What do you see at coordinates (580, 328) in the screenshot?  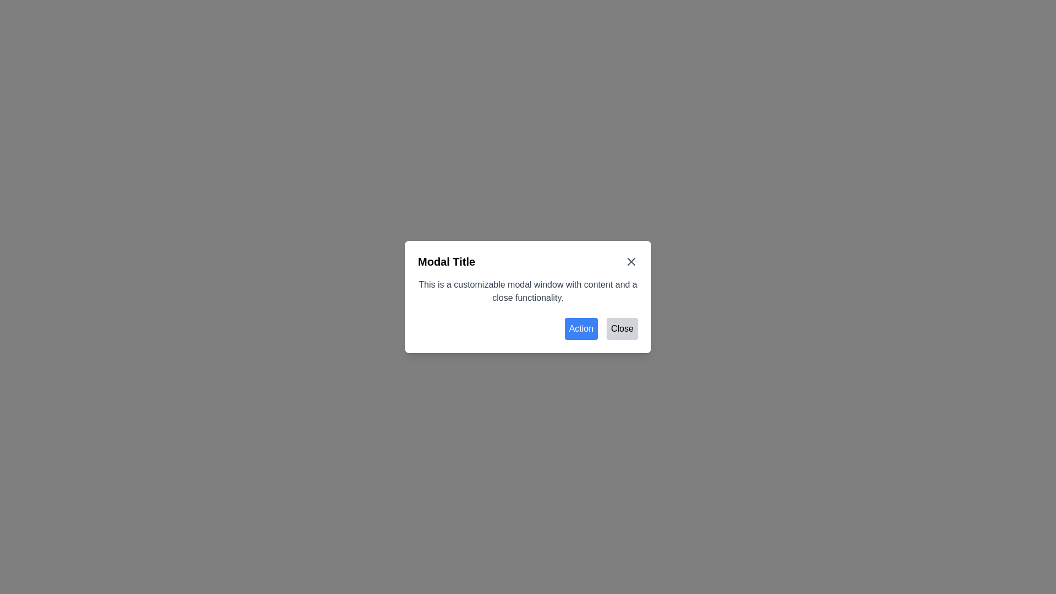 I see `the button located in the bottom-right section of the modal dialog` at bounding box center [580, 328].